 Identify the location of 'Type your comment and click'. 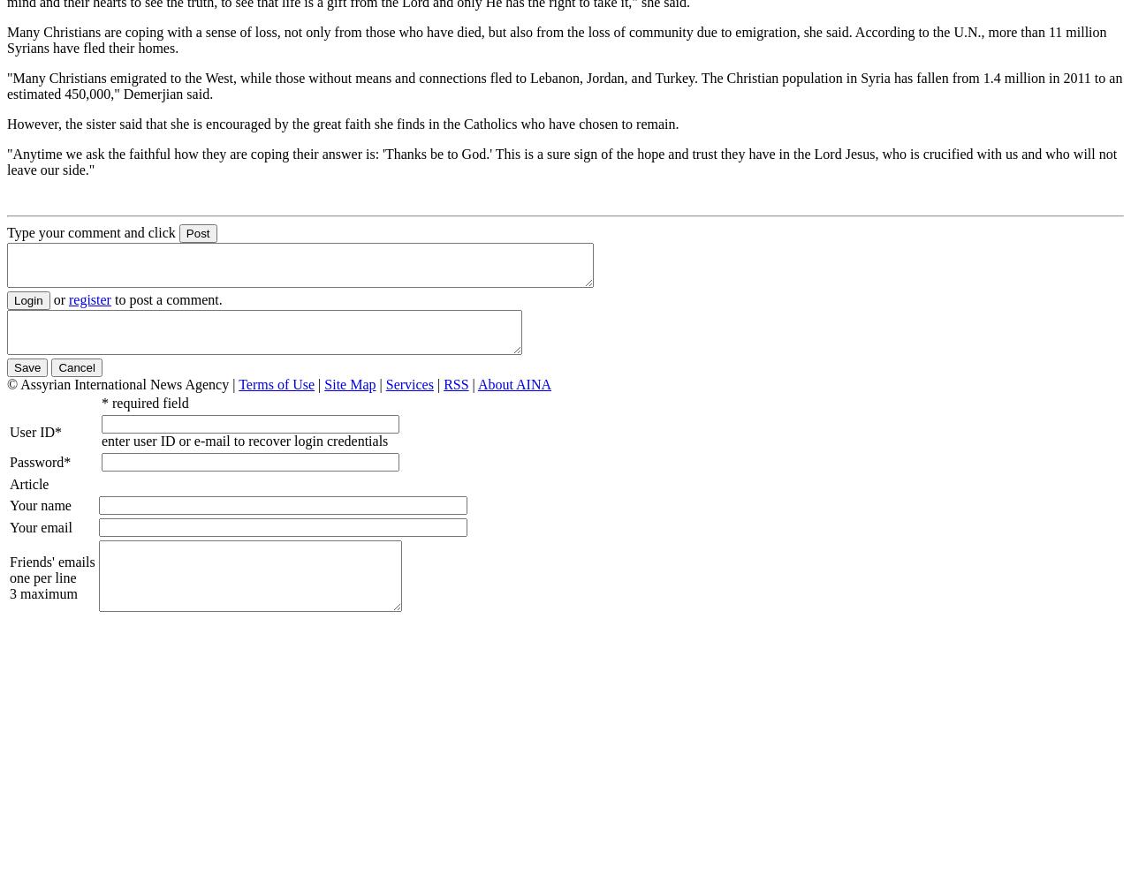
(90, 232).